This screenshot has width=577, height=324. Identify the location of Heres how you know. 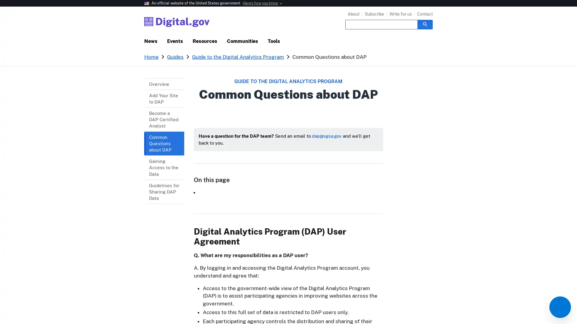
(260, 3).